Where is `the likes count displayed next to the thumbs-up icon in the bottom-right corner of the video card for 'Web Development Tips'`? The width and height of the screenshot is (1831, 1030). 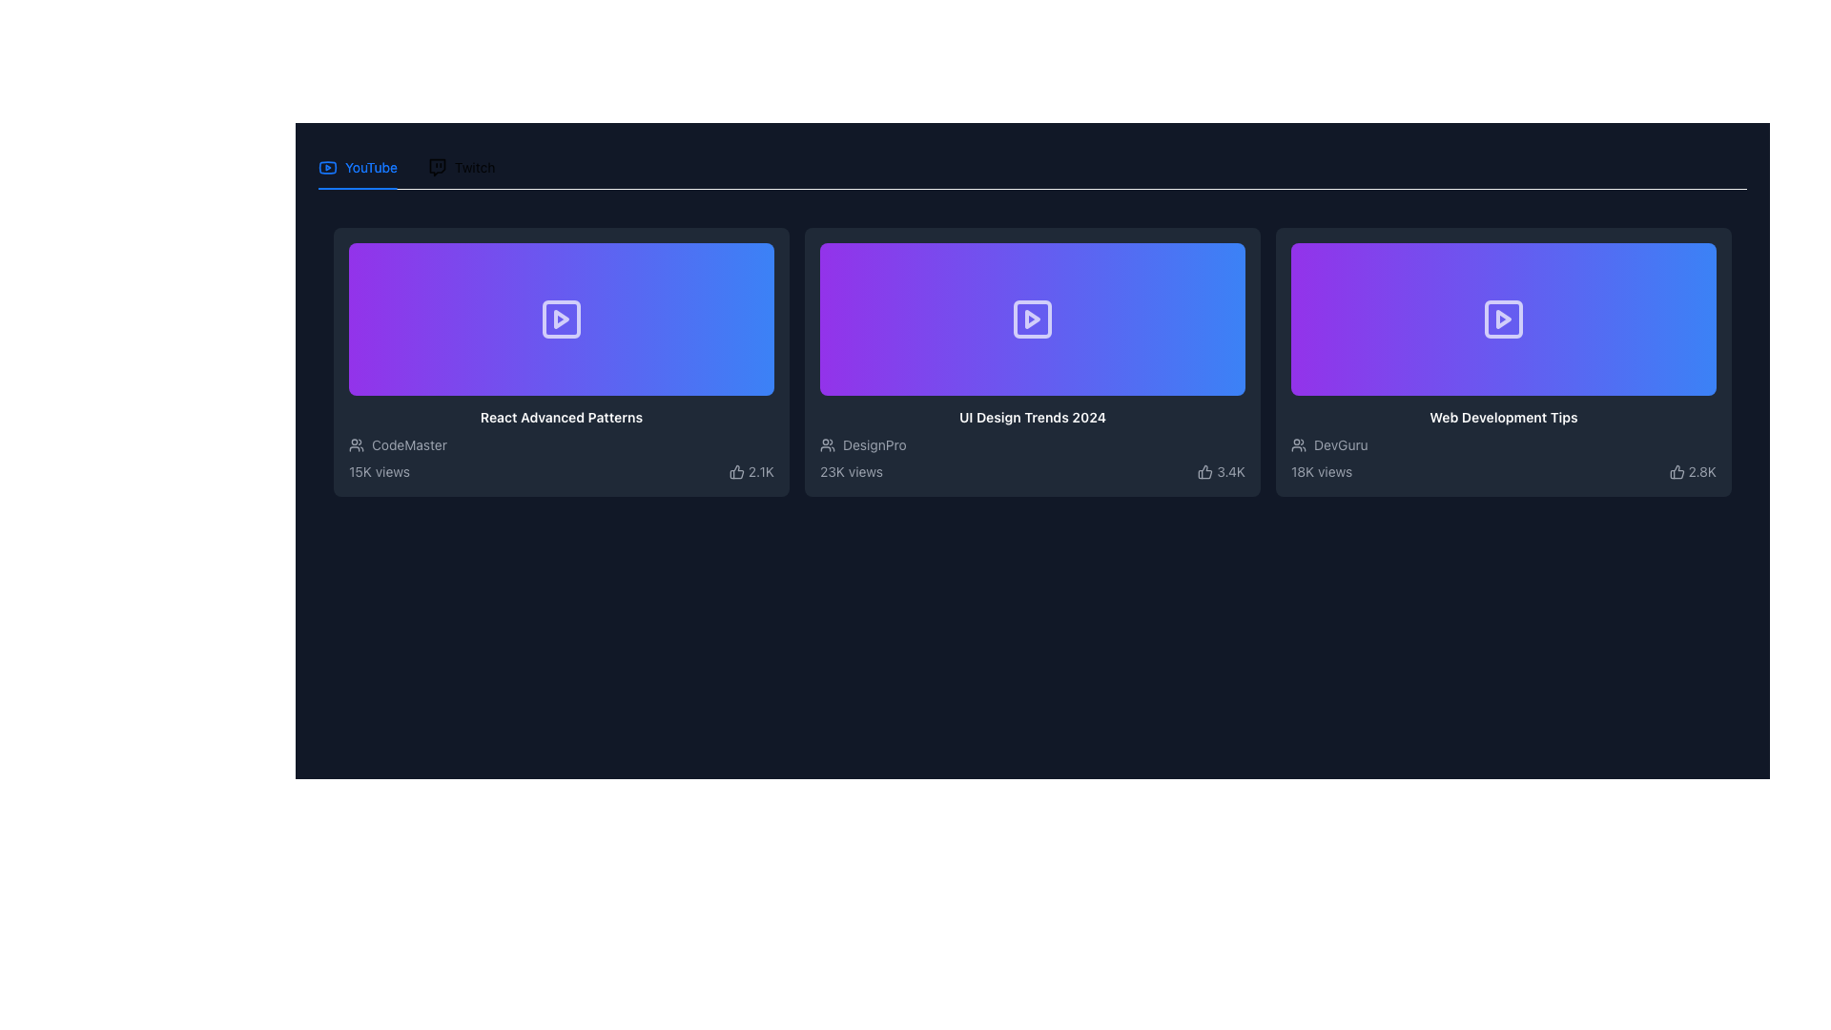 the likes count displayed next to the thumbs-up icon in the bottom-right corner of the video card for 'Web Development Tips' is located at coordinates (1693, 471).